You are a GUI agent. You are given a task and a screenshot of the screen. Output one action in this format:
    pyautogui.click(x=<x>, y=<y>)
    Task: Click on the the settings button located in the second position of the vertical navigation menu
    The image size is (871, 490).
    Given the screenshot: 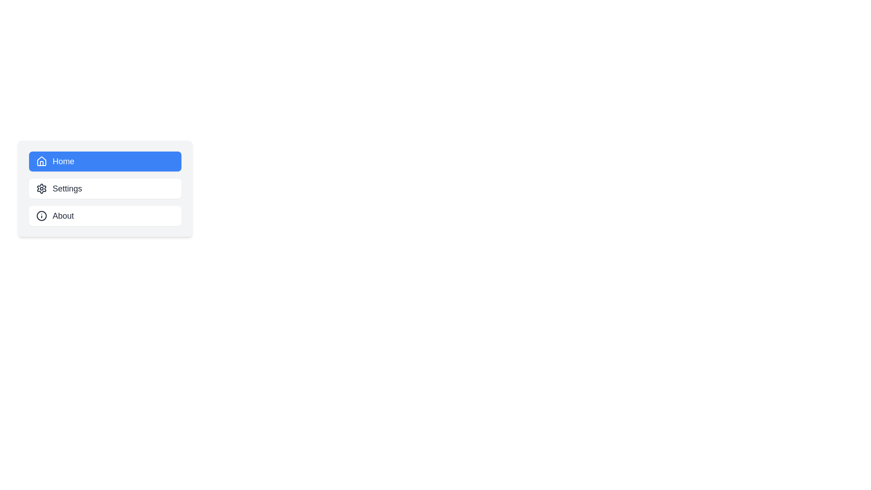 What is the action you would take?
    pyautogui.click(x=105, y=188)
    